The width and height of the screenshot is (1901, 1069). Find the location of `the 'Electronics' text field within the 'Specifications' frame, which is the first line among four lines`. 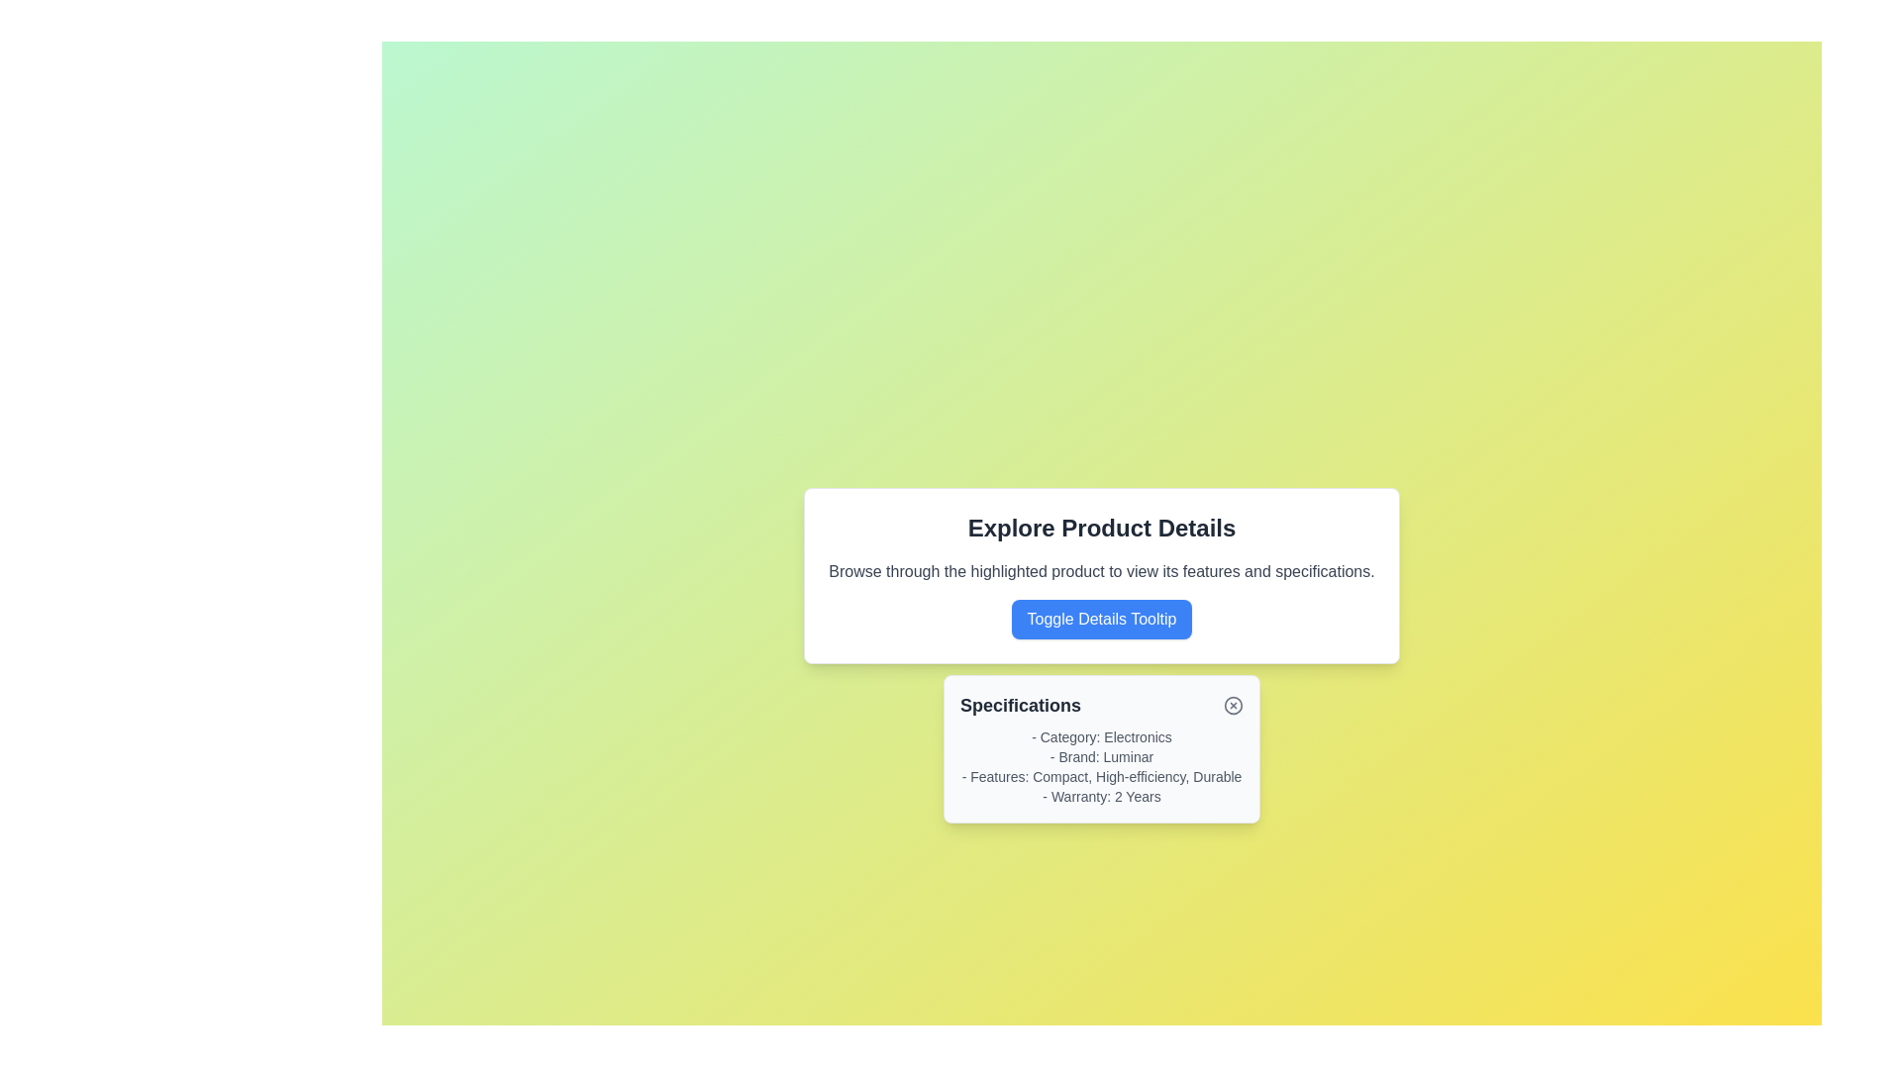

the 'Electronics' text field within the 'Specifications' frame, which is the first line among four lines is located at coordinates (1101, 736).